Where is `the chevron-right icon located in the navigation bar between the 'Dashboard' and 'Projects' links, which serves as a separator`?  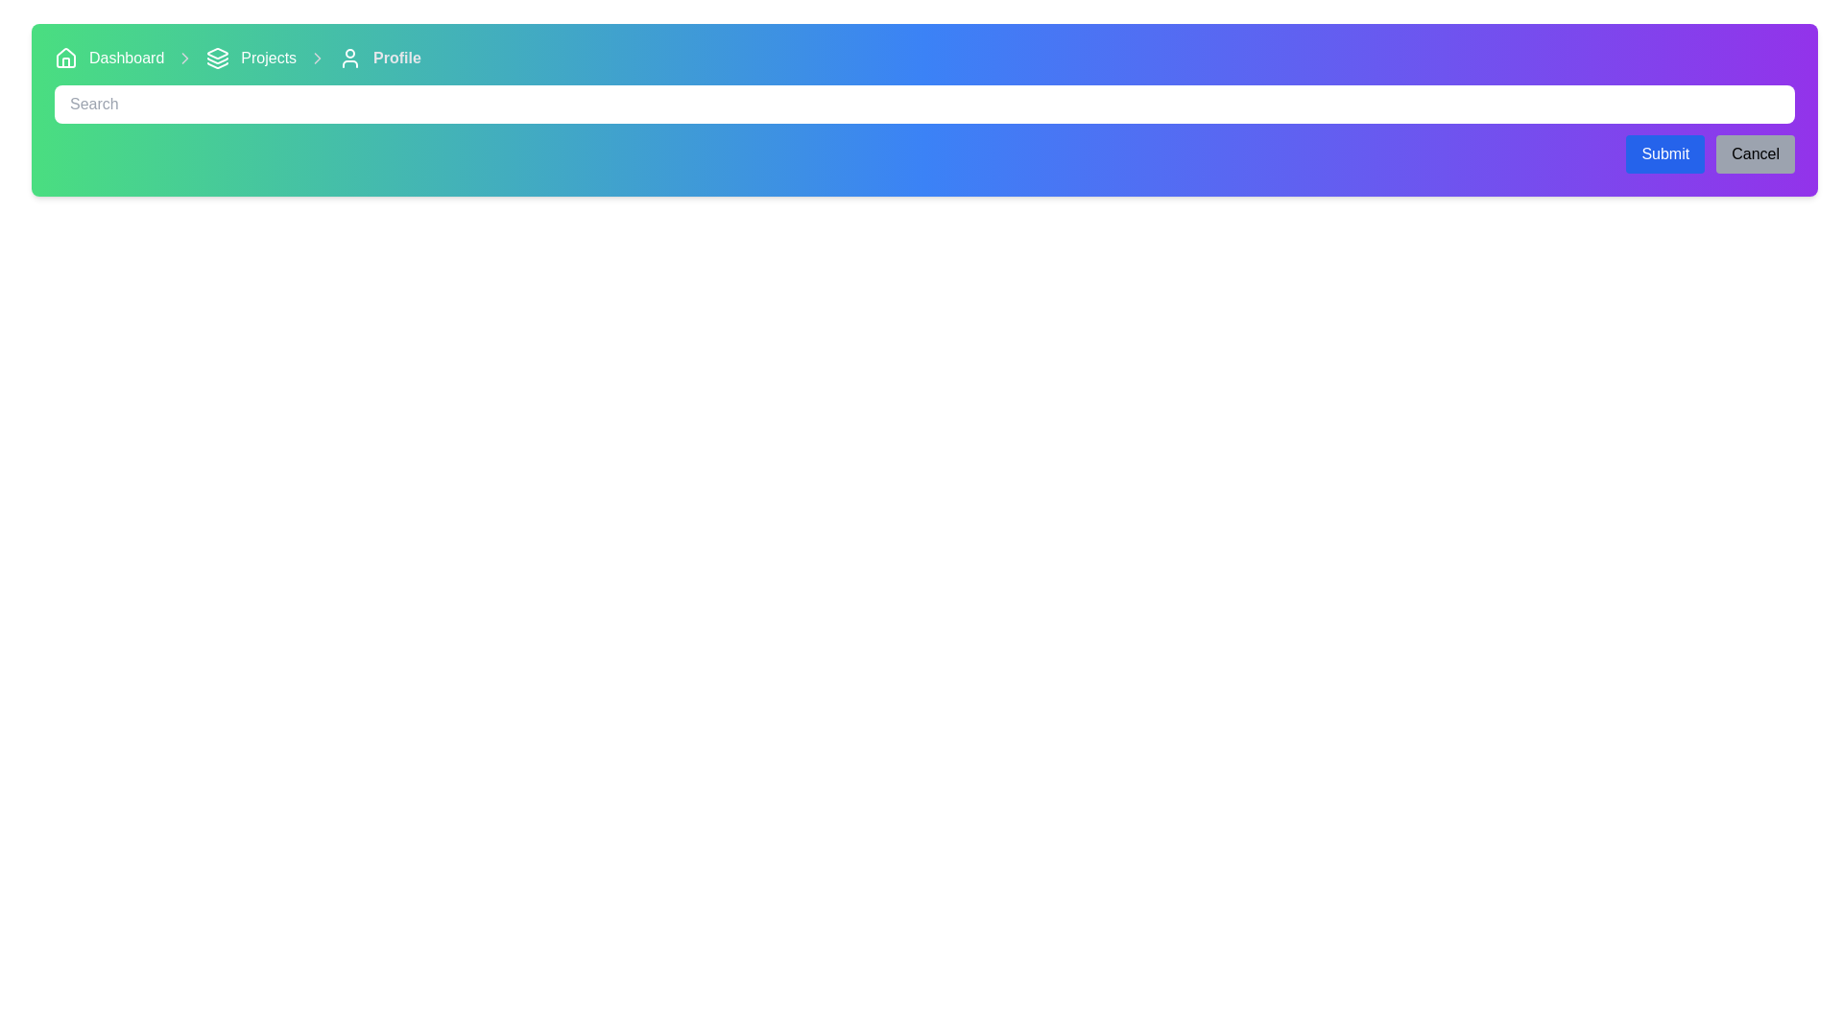 the chevron-right icon located in the navigation bar between the 'Dashboard' and 'Projects' links, which serves as a separator is located at coordinates (185, 58).